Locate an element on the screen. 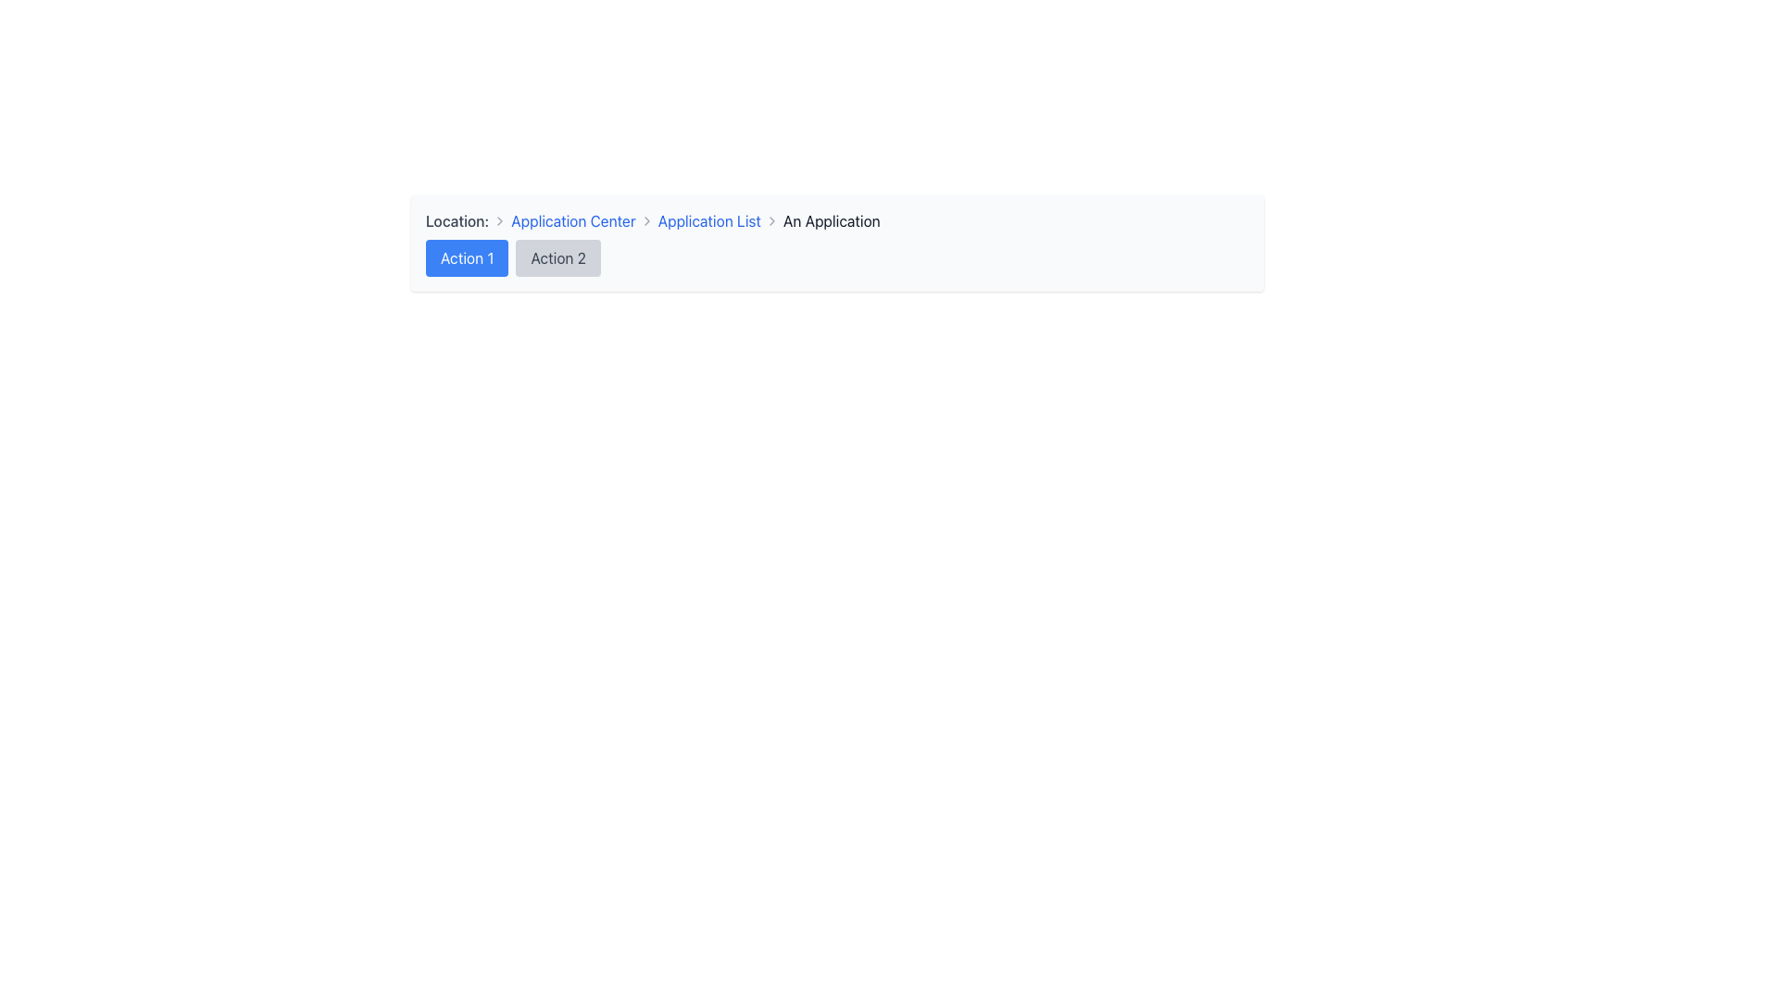 The height and width of the screenshot is (1000, 1778). the 'Application Center' hyperlink in the breadcrumb navigation, which is the second clickable text item after 'Location:' and before 'Application List' is located at coordinates (572, 220).